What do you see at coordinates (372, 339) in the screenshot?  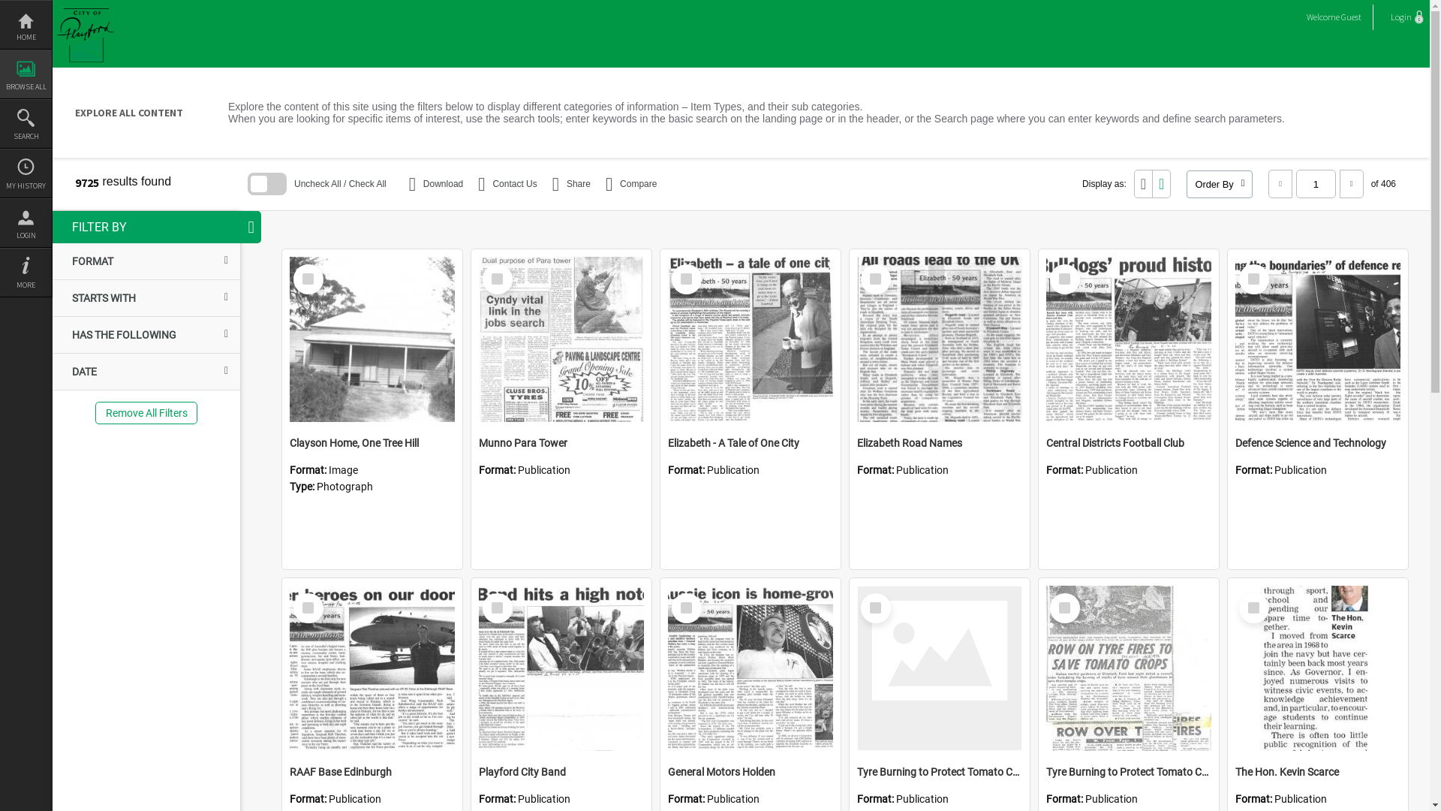 I see `'Clayson Home, One Tree Hill'` at bounding box center [372, 339].